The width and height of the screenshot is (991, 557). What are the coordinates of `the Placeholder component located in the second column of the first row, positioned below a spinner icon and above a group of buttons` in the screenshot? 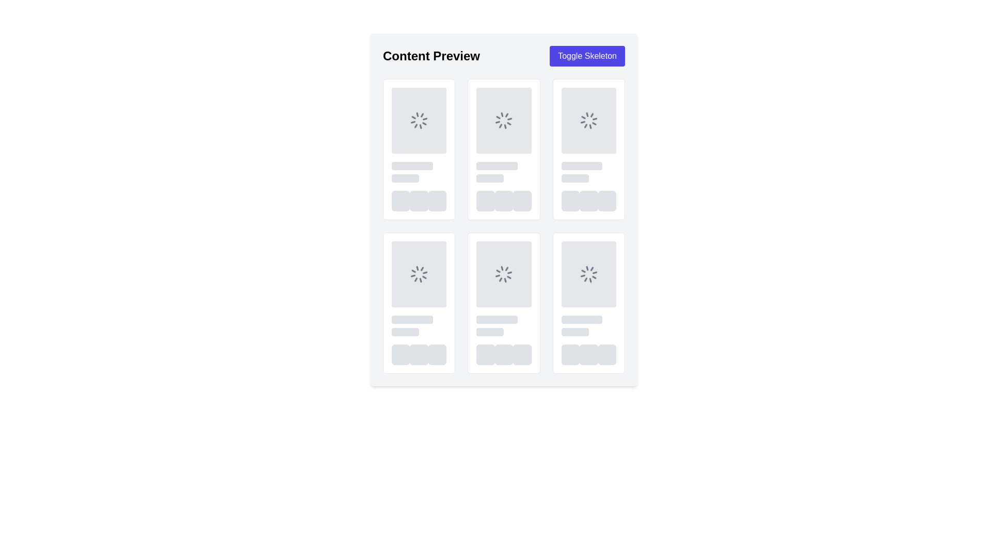 It's located at (504, 172).